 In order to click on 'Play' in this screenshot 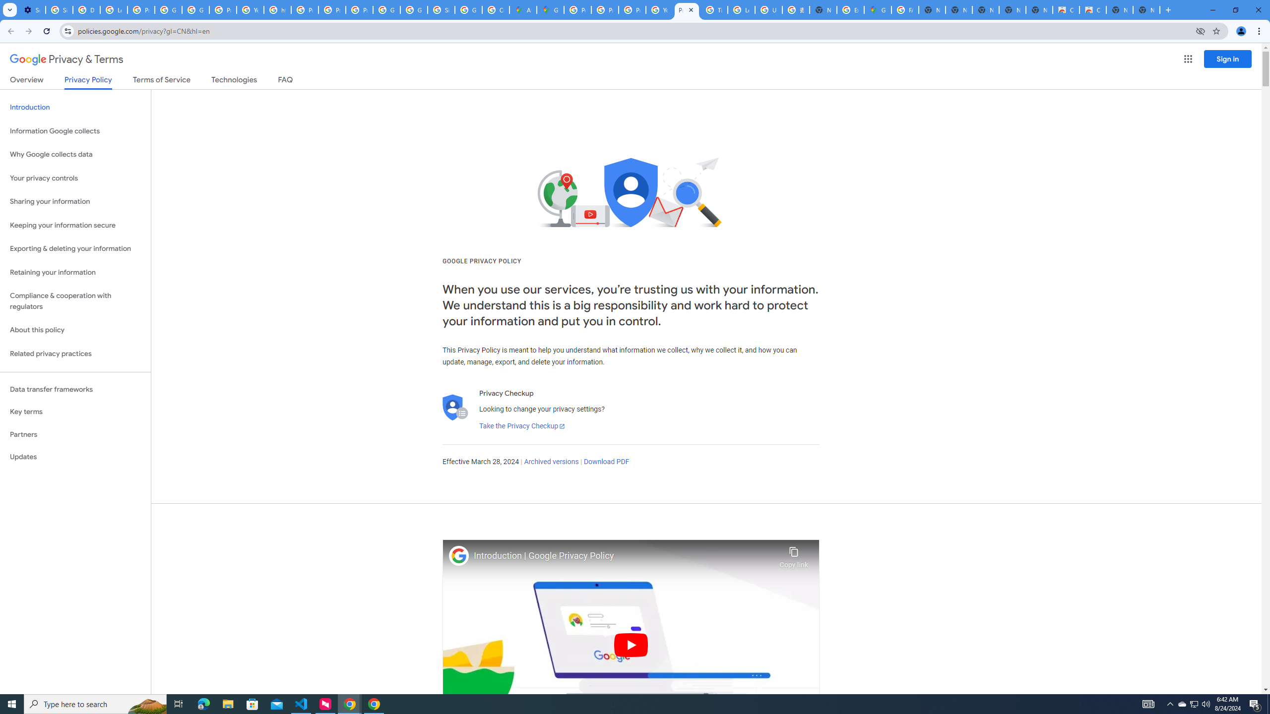, I will do `click(631, 644)`.